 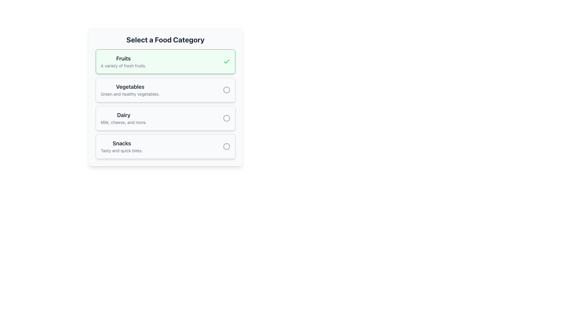 I want to click on the unselected radio button located in the 'Vegetables' category section, so click(x=226, y=90).